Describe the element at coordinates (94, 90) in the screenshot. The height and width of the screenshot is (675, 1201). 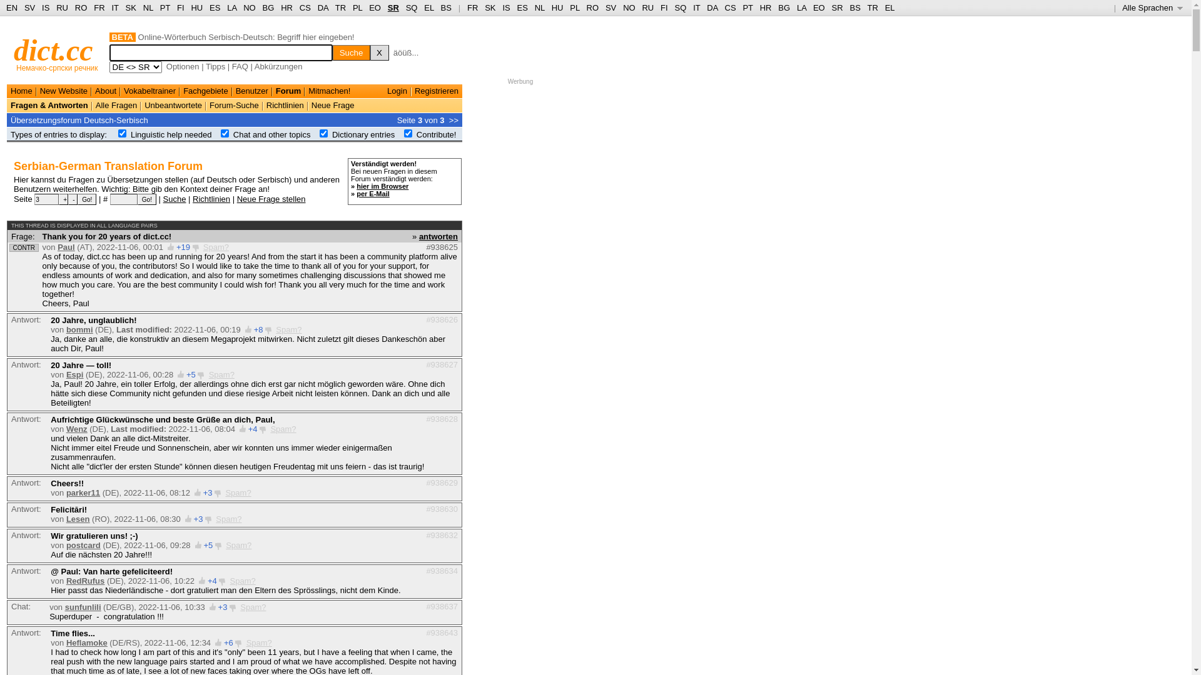
I see `'About'` at that location.